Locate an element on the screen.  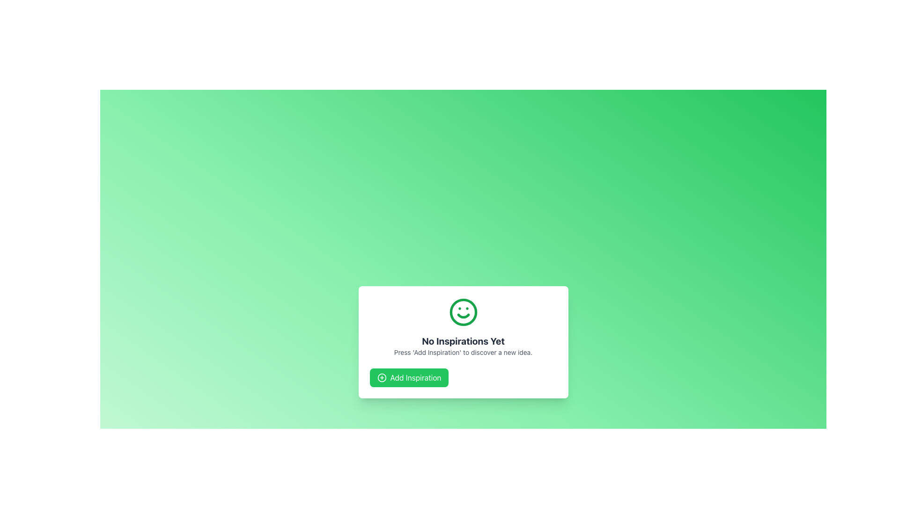
the circular icon that serves as a visual indicator for the action to add an inspiration, which is positioned as the first element within the 'Add Inspiration' button is located at coordinates (382, 377).